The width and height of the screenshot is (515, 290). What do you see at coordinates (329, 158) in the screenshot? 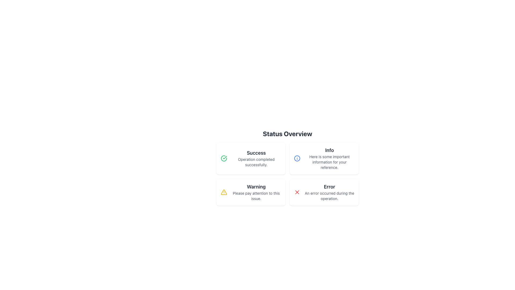
I see `information displayed on the Informational Card located in the upper-right quadrant of the 'Status Overview' section, to the right of the 'Success' box` at bounding box center [329, 158].